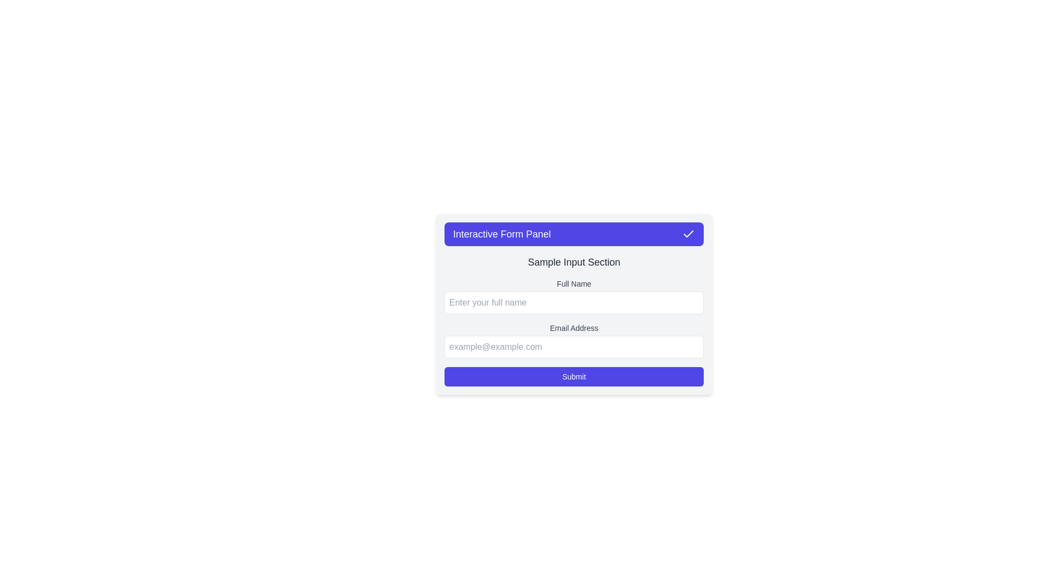 This screenshot has width=1037, height=583. Describe the element at coordinates (688, 233) in the screenshot. I see `the checkmark icon located at the top-right corner of the 'Interactive Form Panel' header, which indicates completion or confirmation` at that location.